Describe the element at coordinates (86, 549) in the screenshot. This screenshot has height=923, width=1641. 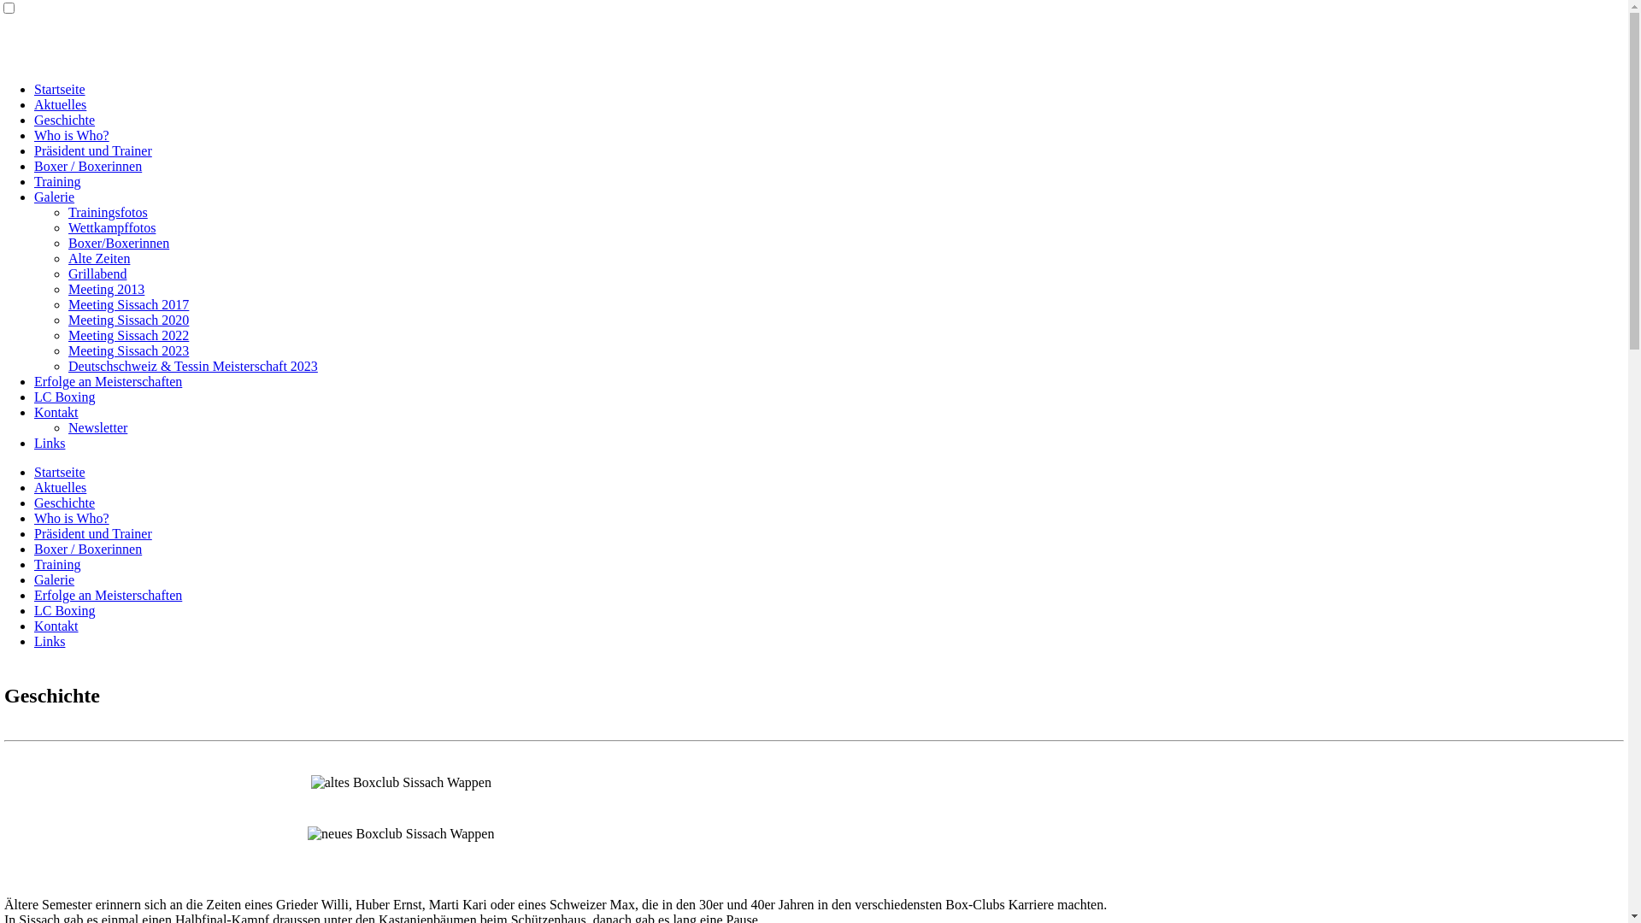
I see `'Boxer / Boxerinnen'` at that location.